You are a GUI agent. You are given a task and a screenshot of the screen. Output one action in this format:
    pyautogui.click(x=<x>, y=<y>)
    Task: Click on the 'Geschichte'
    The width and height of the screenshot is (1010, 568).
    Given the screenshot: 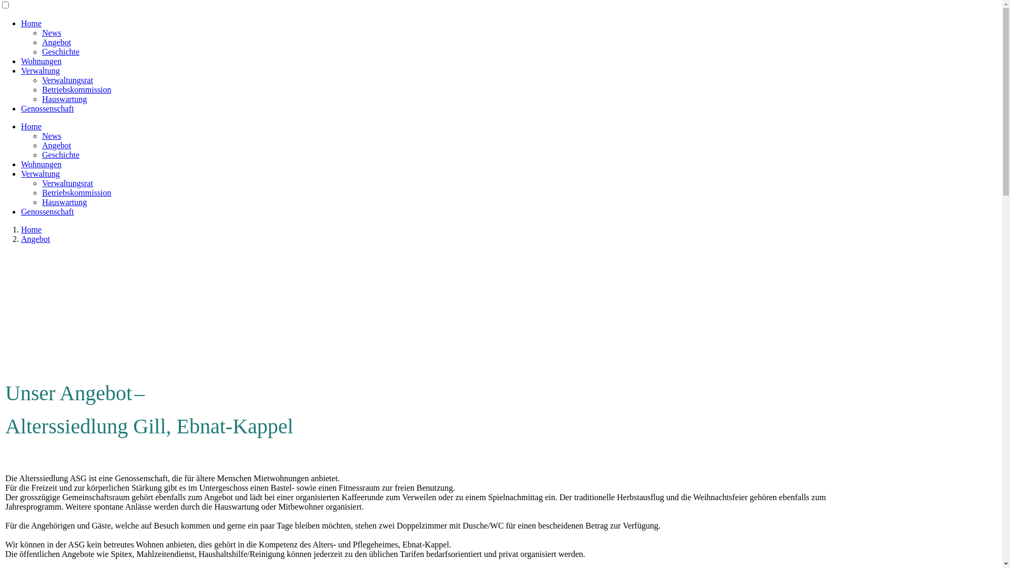 What is the action you would take?
    pyautogui.click(x=60, y=52)
    